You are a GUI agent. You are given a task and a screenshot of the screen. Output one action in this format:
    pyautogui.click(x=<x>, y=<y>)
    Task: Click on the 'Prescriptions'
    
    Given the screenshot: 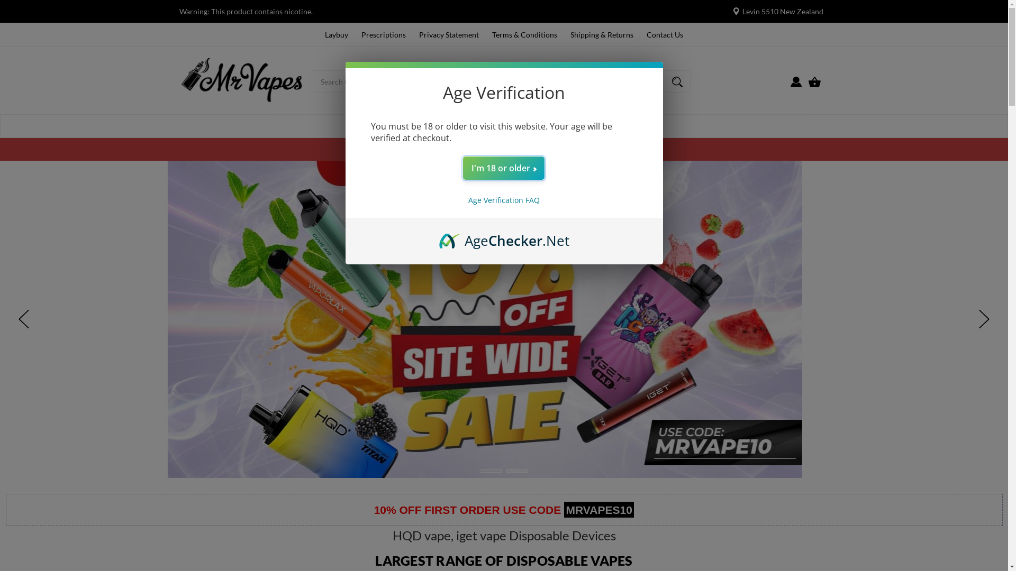 What is the action you would take?
    pyautogui.click(x=383, y=34)
    